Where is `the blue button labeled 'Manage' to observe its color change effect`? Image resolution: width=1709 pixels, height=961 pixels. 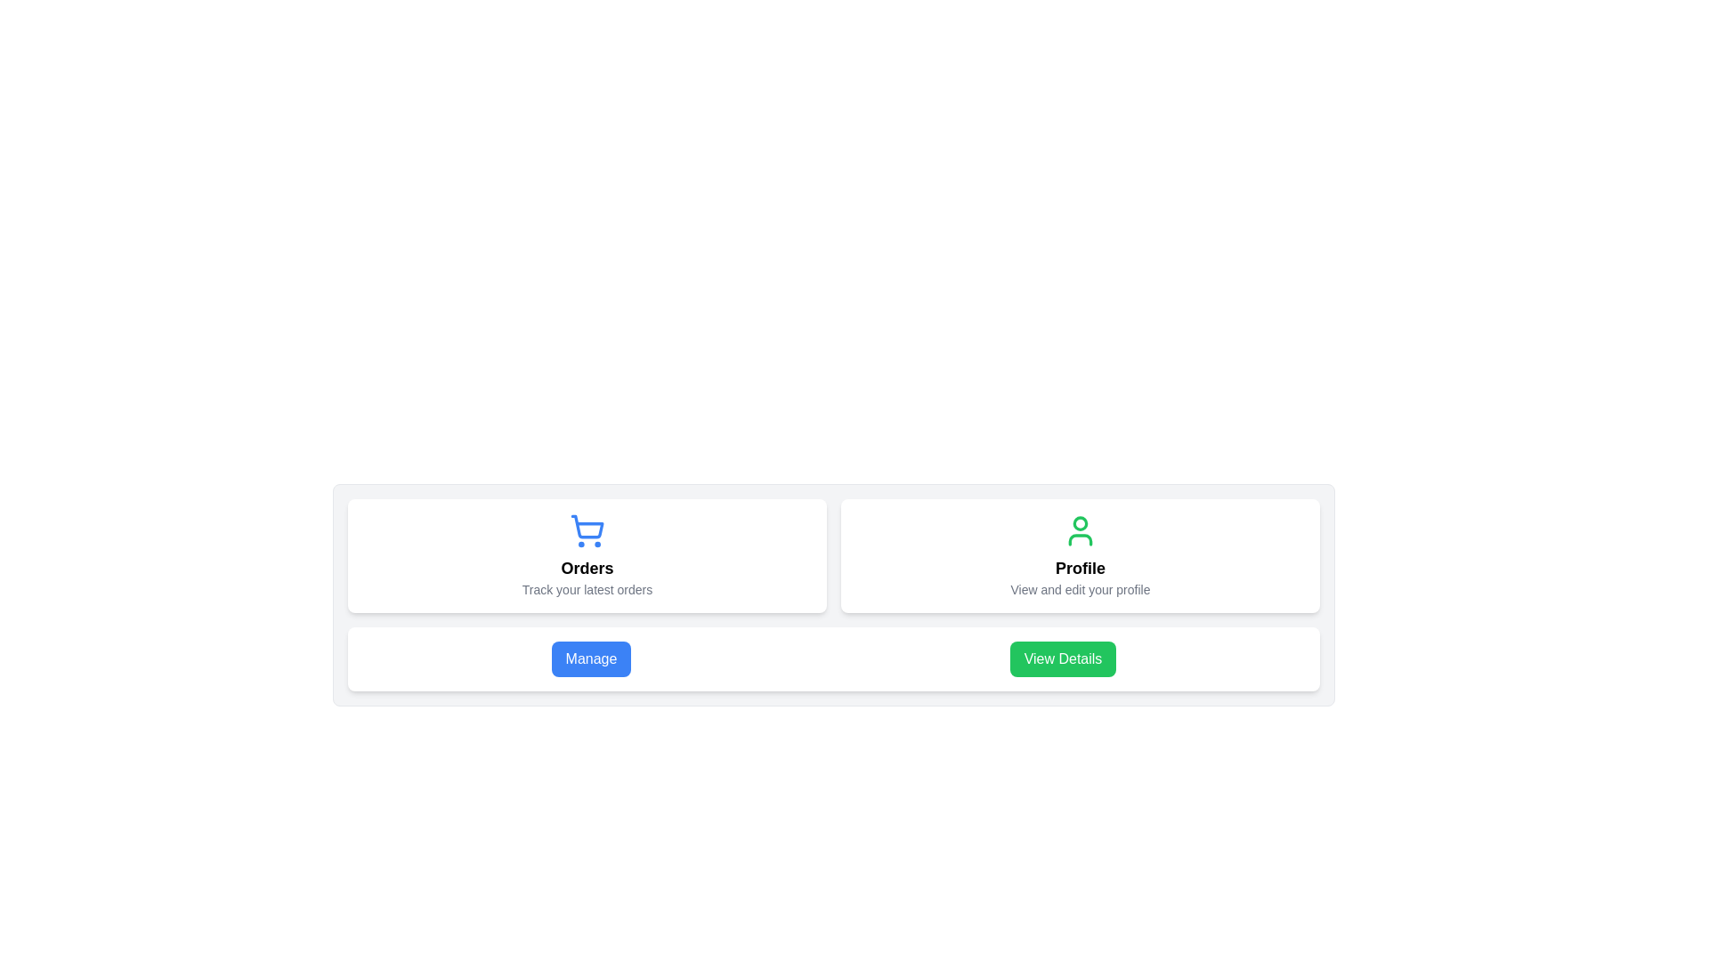
the blue button labeled 'Manage' to observe its color change effect is located at coordinates (591, 658).